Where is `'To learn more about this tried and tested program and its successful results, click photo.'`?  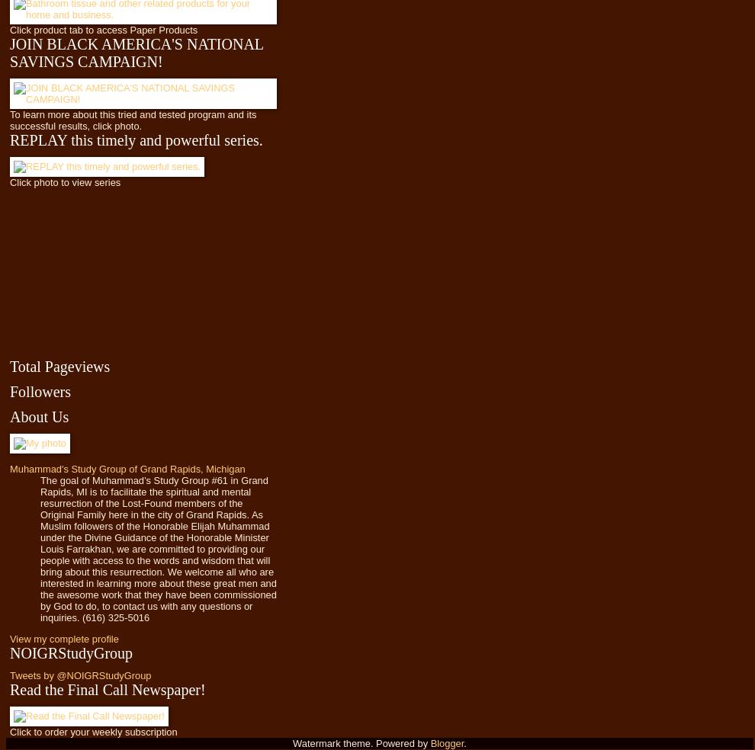
'To learn more about this tried and tested program and its successful results, click photo.' is located at coordinates (8, 120).